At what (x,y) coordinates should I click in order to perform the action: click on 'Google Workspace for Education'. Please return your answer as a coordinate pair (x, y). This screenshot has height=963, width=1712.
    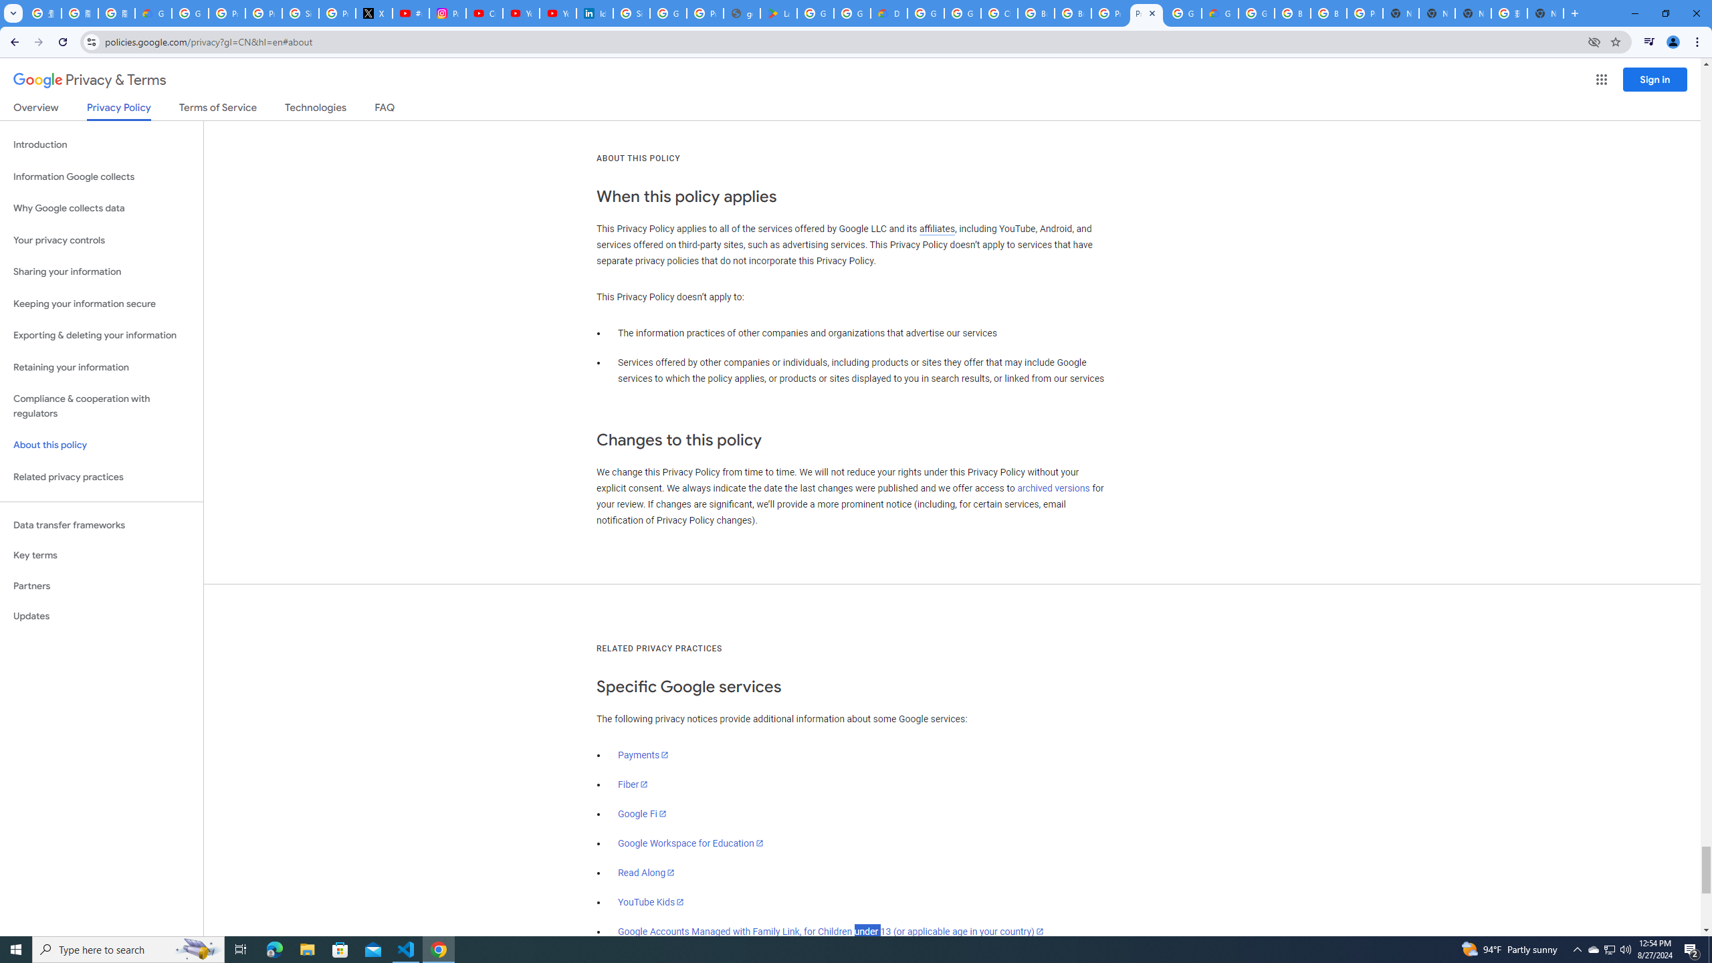
    Looking at the image, I should click on (689, 843).